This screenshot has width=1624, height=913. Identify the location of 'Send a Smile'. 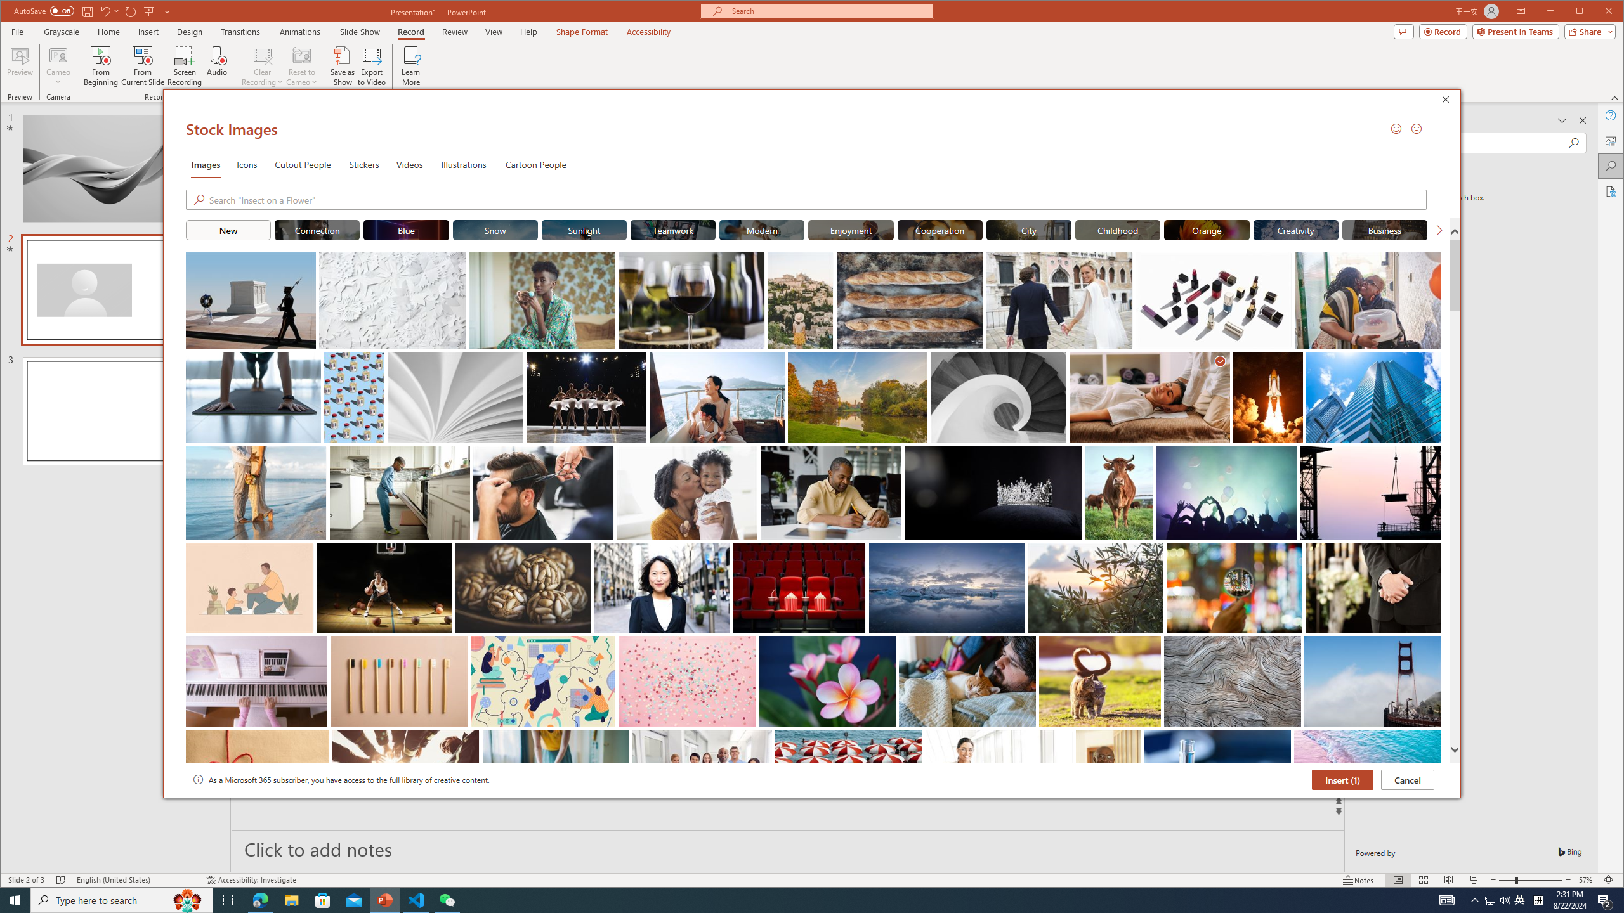
(1396, 128).